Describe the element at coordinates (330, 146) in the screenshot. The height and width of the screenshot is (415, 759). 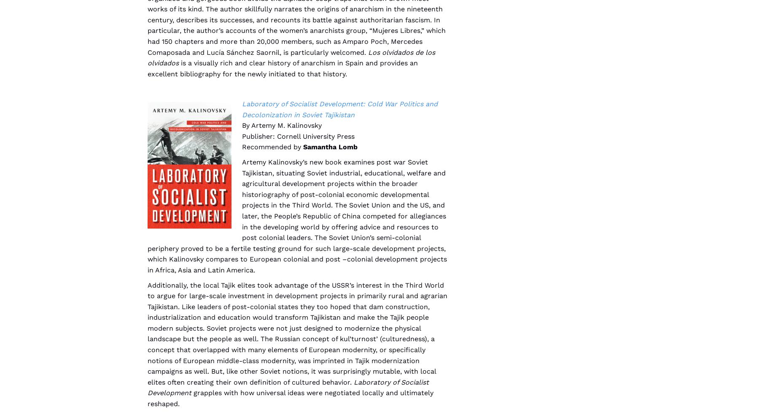
I see `'Samantha Lomb'` at that location.